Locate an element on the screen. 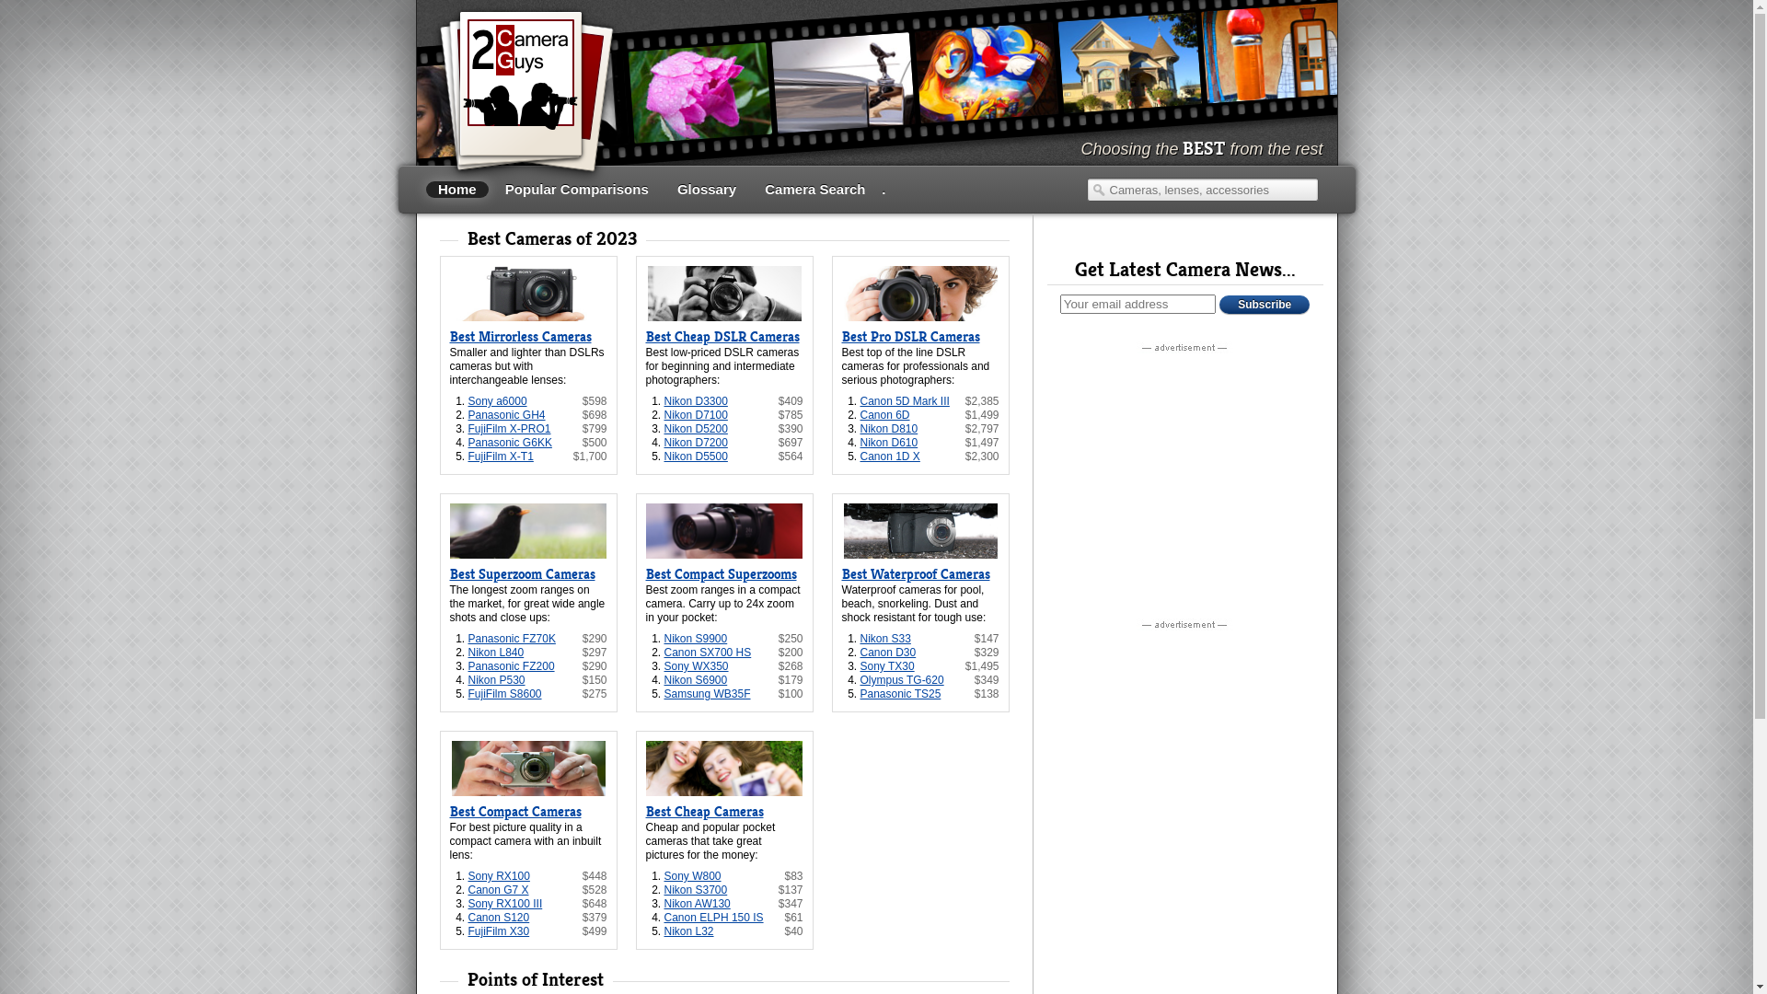  'Nikon AW130' is located at coordinates (697, 903).